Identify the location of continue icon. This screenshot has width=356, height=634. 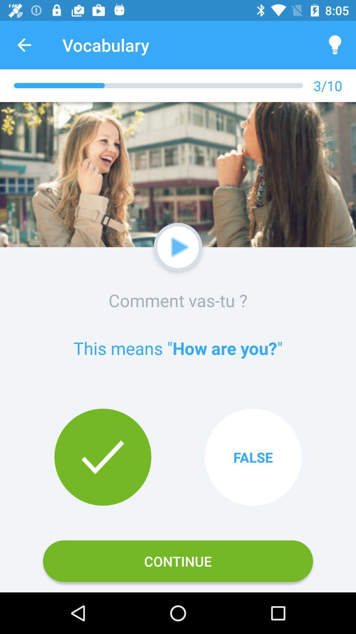
(178, 561).